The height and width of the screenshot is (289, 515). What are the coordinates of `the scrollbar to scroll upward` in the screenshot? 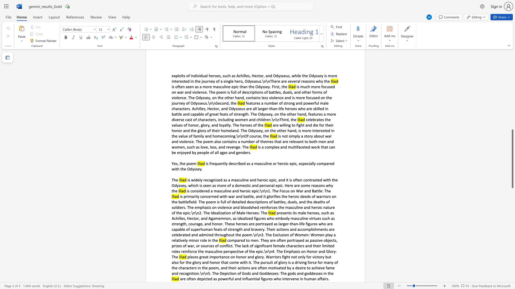 It's located at (512, 93).